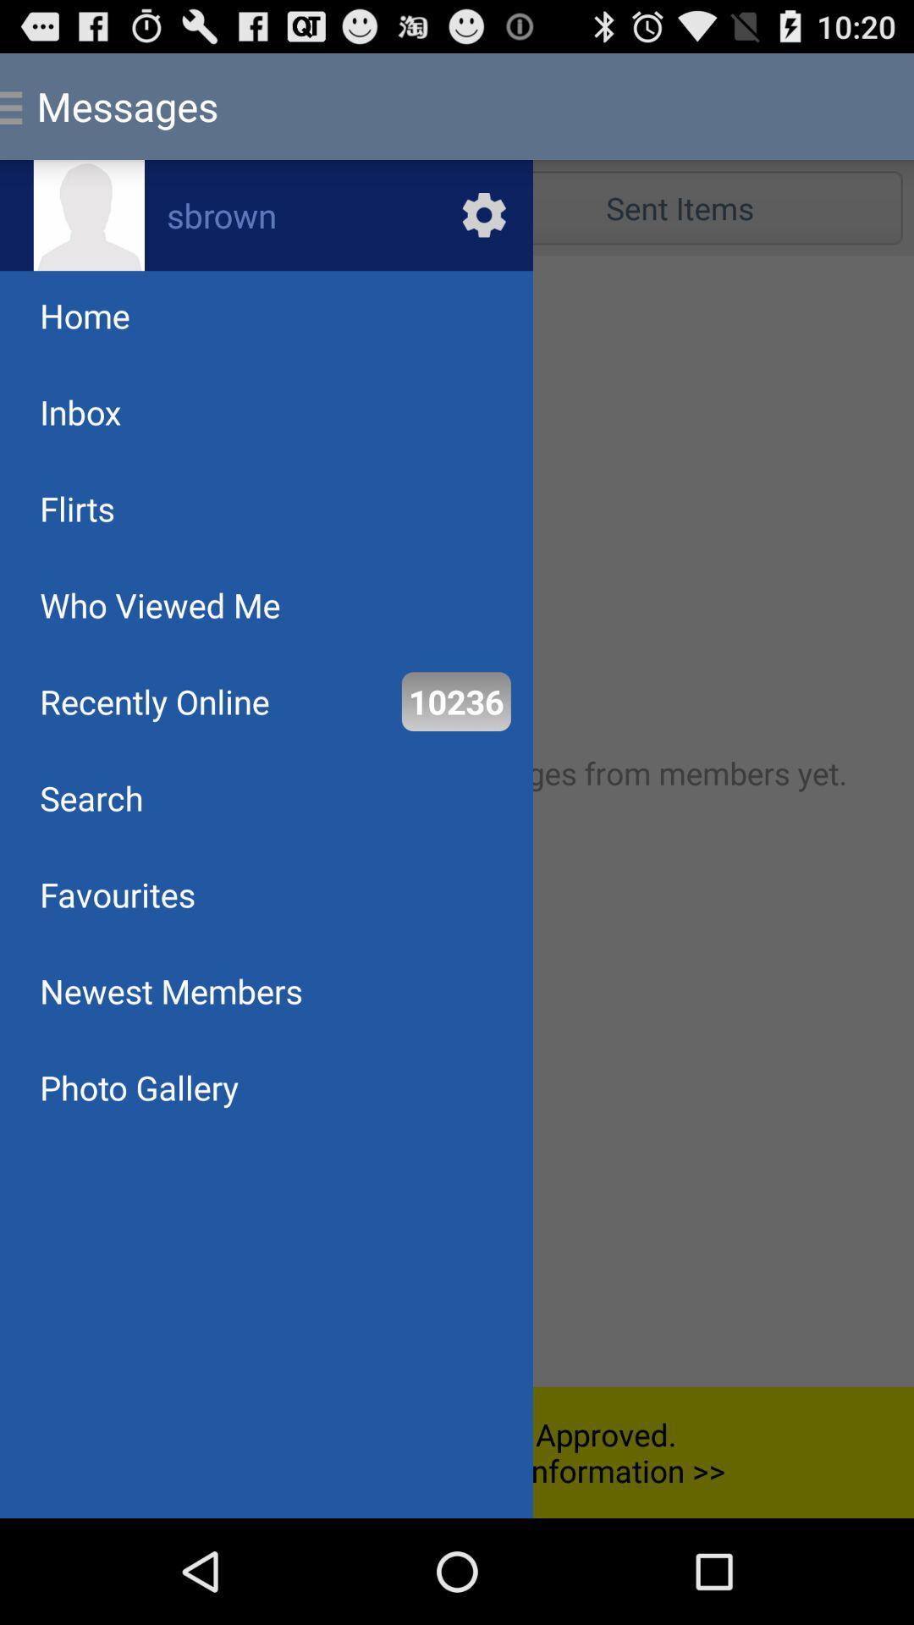  Describe the element at coordinates (160, 605) in the screenshot. I see `who viewed me icon` at that location.